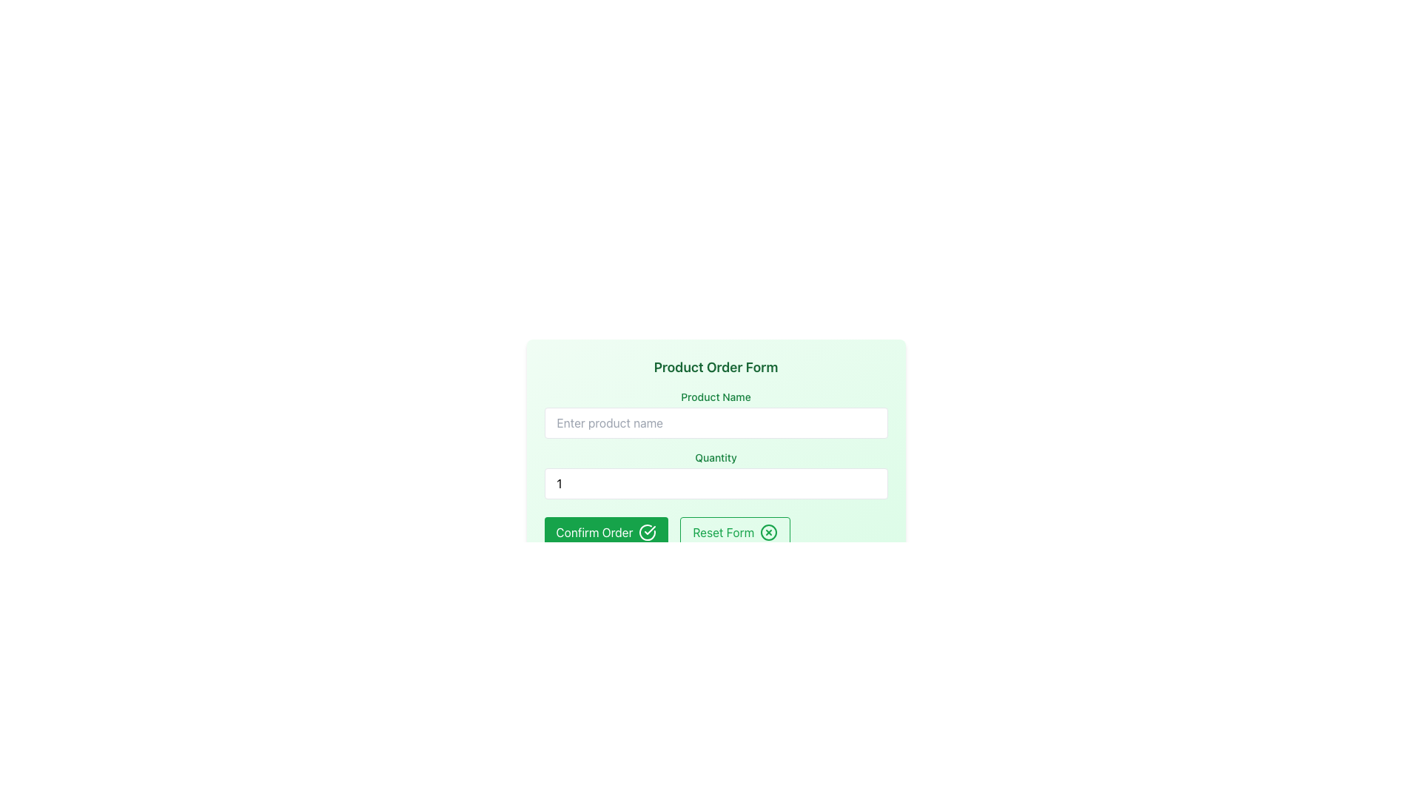 The height and width of the screenshot is (799, 1421). What do you see at coordinates (716, 456) in the screenshot?
I see `the 'Quantity' label in the 'Product Order Form' that indicates the purpose of the associated input field` at bounding box center [716, 456].